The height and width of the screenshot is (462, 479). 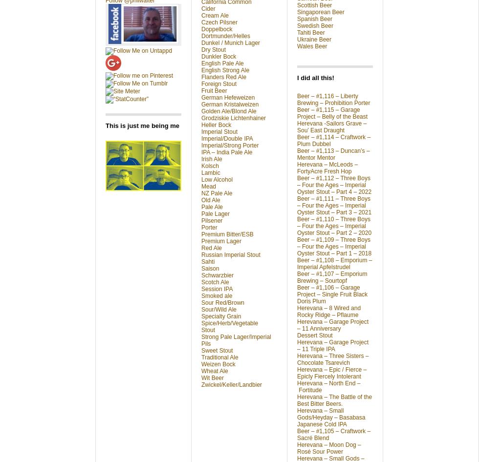 I want to click on 'Lambic', so click(x=211, y=172).